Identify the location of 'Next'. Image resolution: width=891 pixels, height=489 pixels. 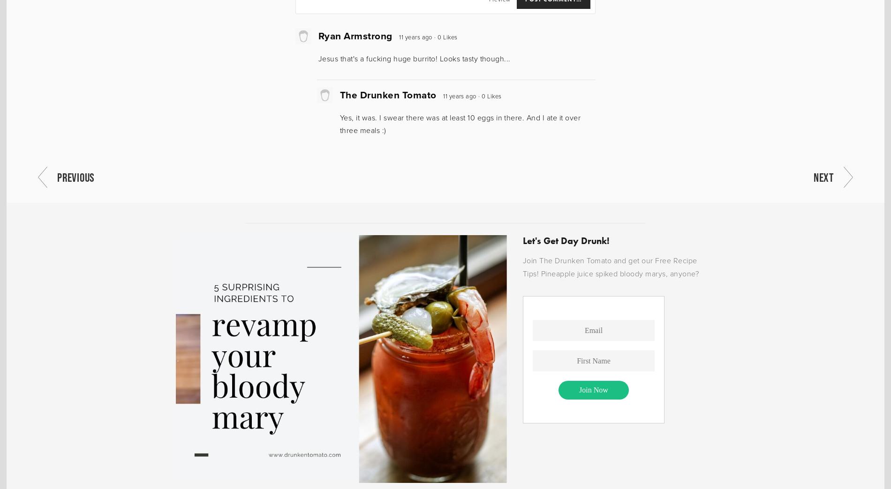
(823, 177).